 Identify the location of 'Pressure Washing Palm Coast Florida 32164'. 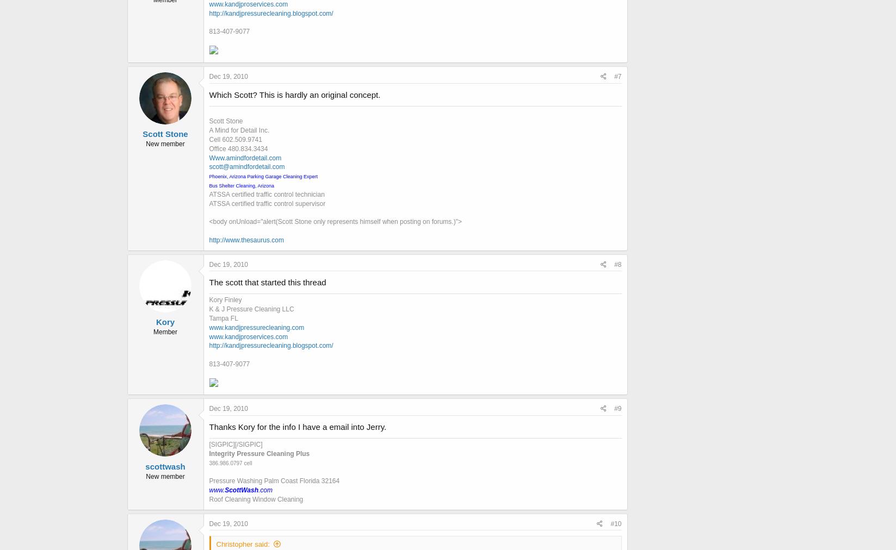
(273, 480).